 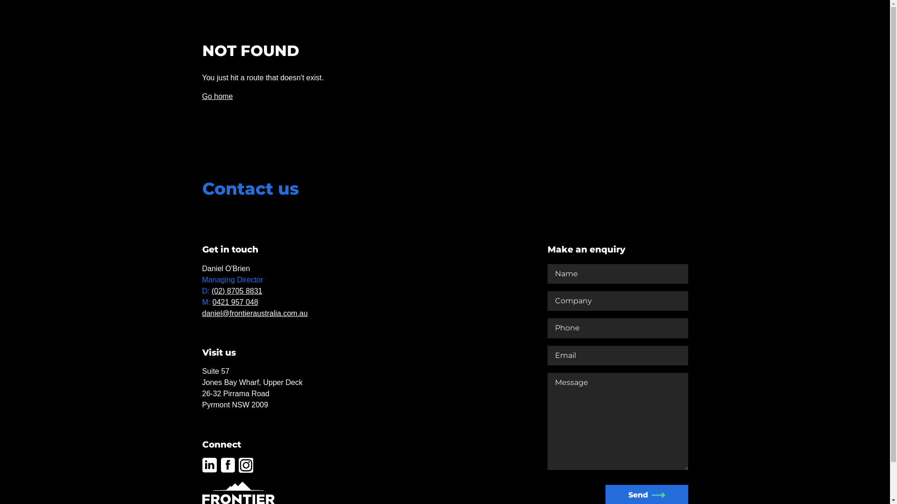 What do you see at coordinates (237, 290) in the screenshot?
I see `'(02) 8705 8831'` at bounding box center [237, 290].